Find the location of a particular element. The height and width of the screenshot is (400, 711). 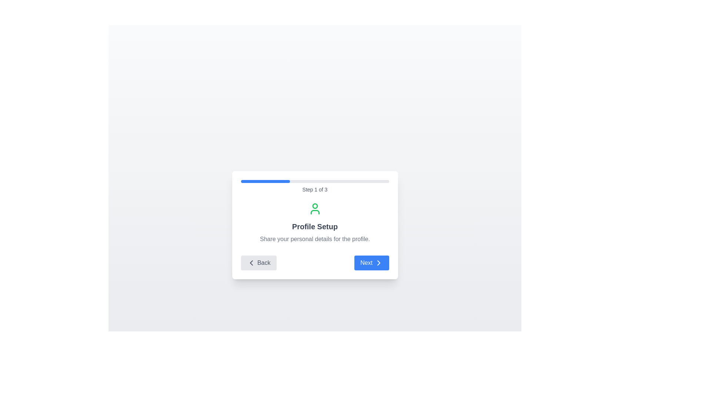

the informational text element that provides guidance for the current step in a multi-step process, located centrally in the interface below the 'Step 1 of 3' progress indicator and above the 'Back' and 'Next' navigation buttons is located at coordinates (315, 222).